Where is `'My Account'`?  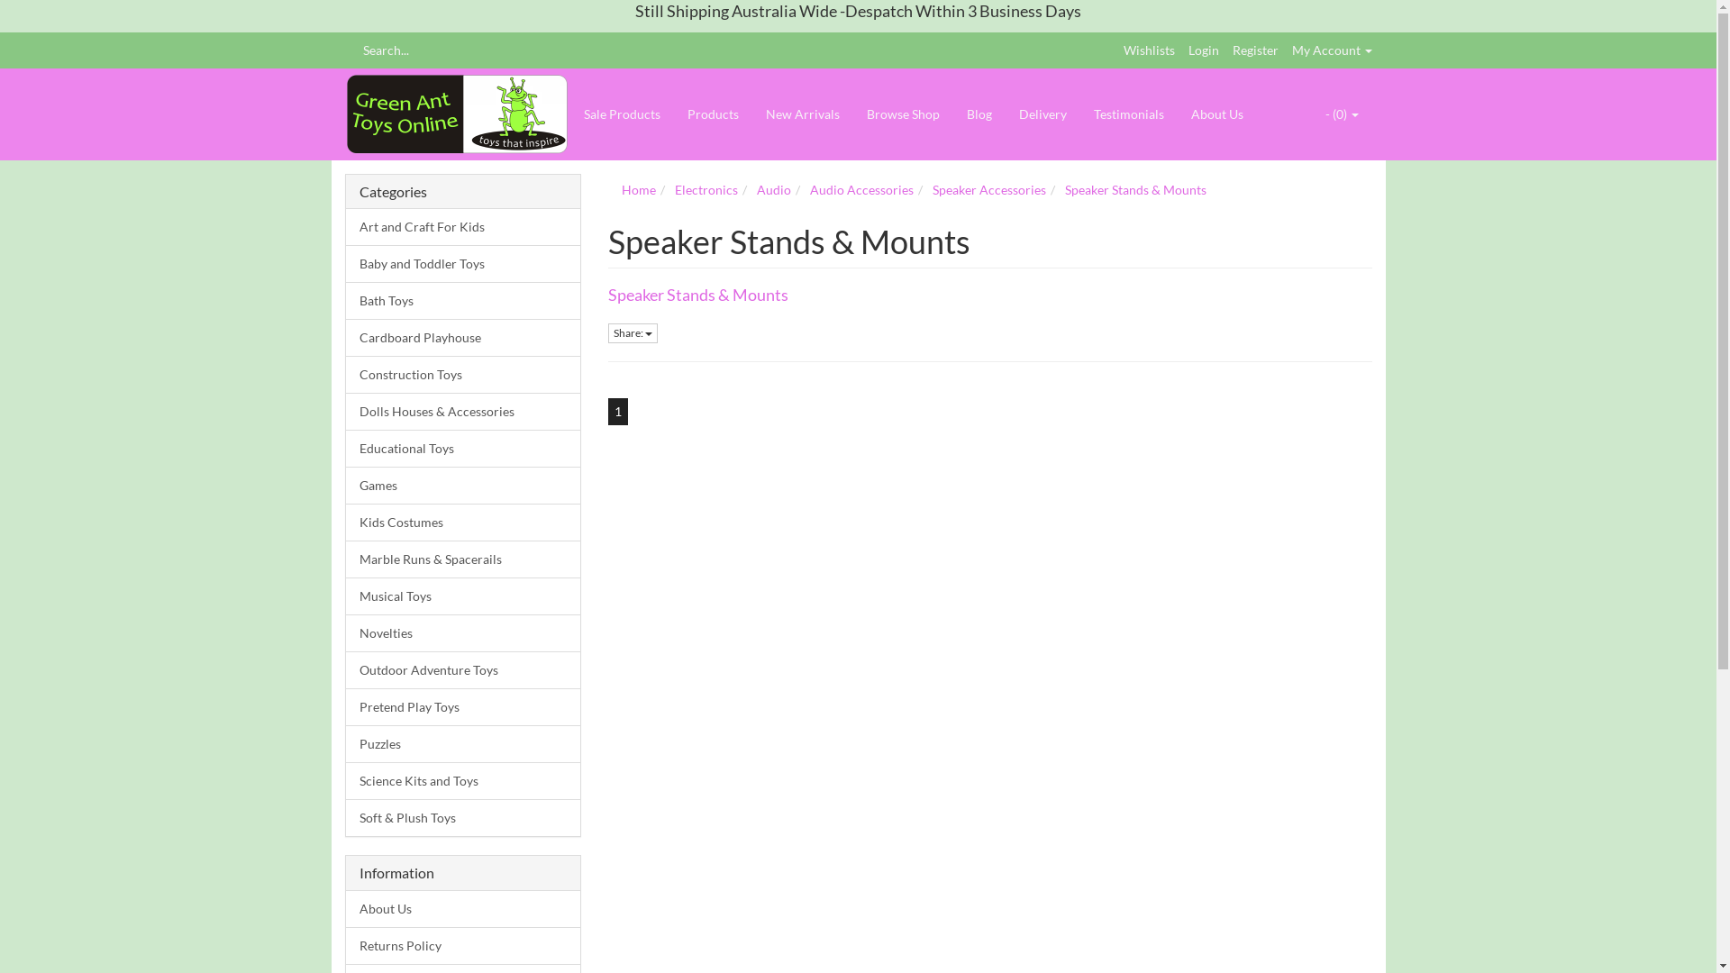 'My Account' is located at coordinates (1332, 49).